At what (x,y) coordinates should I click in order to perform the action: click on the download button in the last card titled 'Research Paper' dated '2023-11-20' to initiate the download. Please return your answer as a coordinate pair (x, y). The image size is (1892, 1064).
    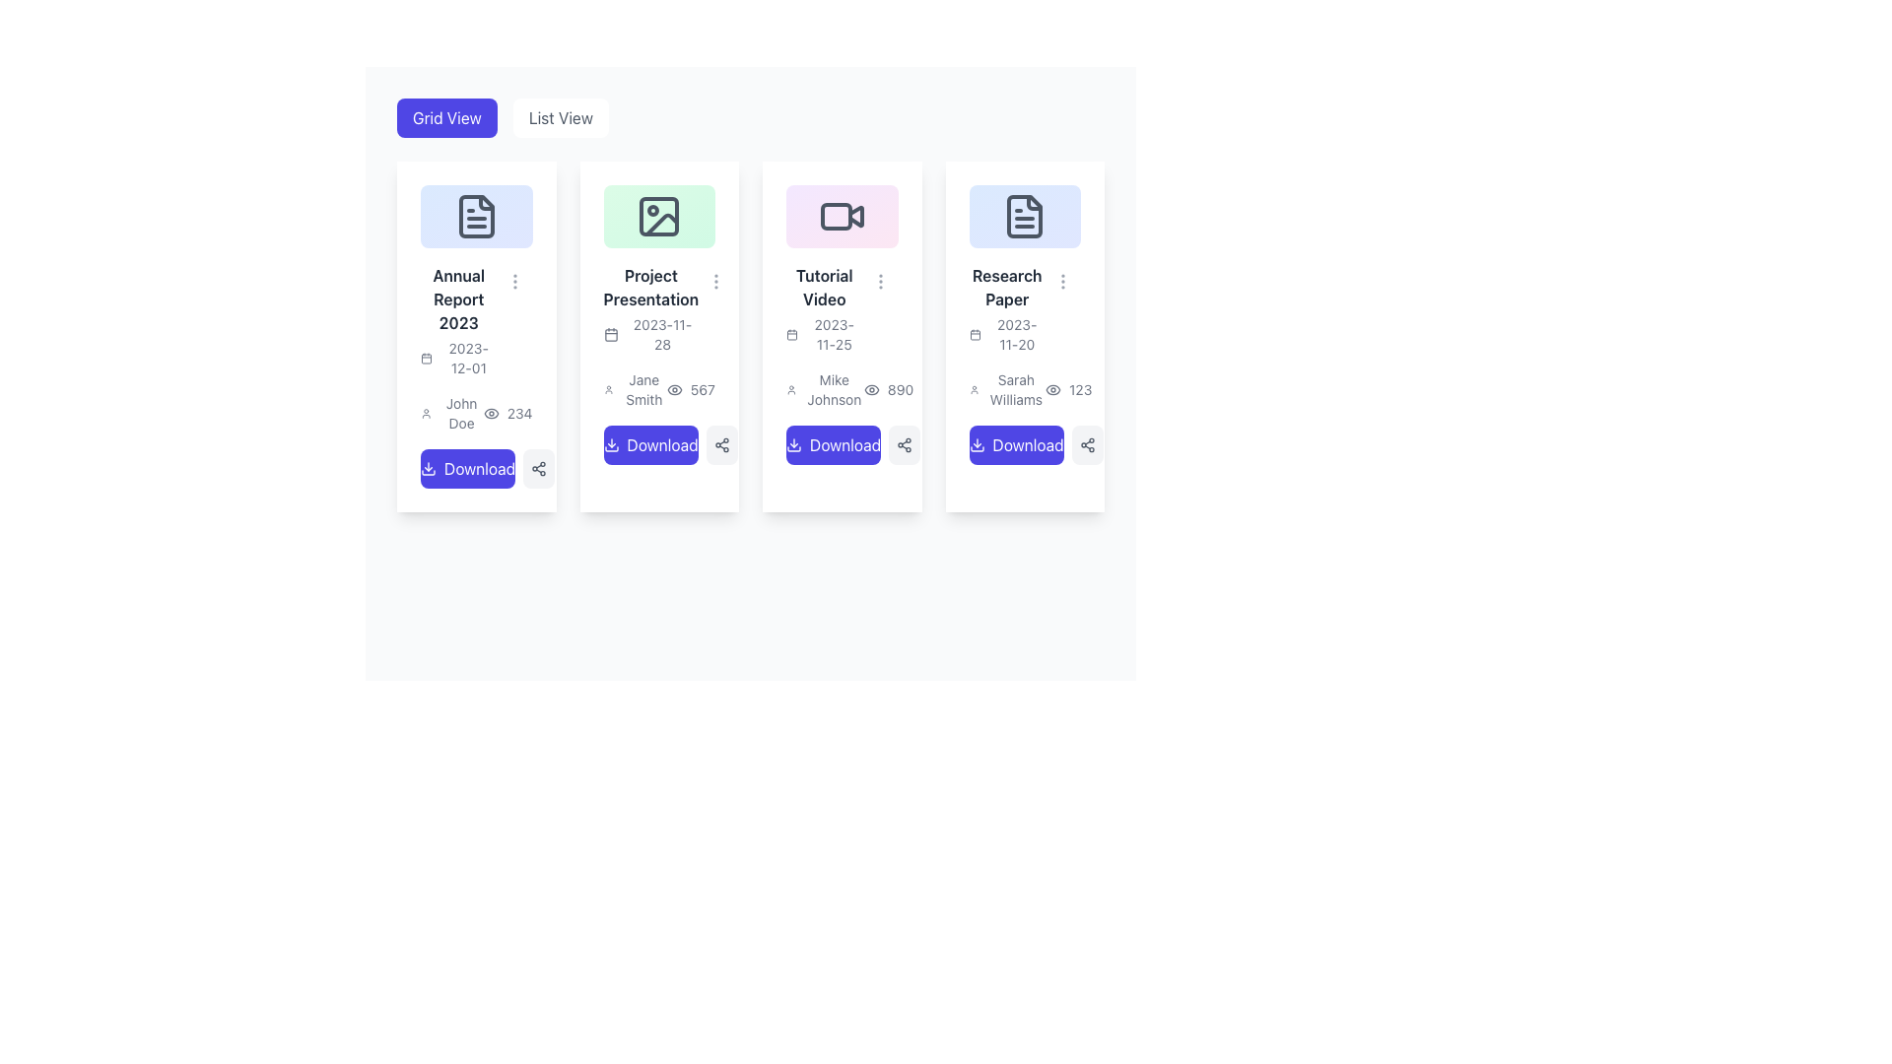
    Looking at the image, I should click on (1016, 444).